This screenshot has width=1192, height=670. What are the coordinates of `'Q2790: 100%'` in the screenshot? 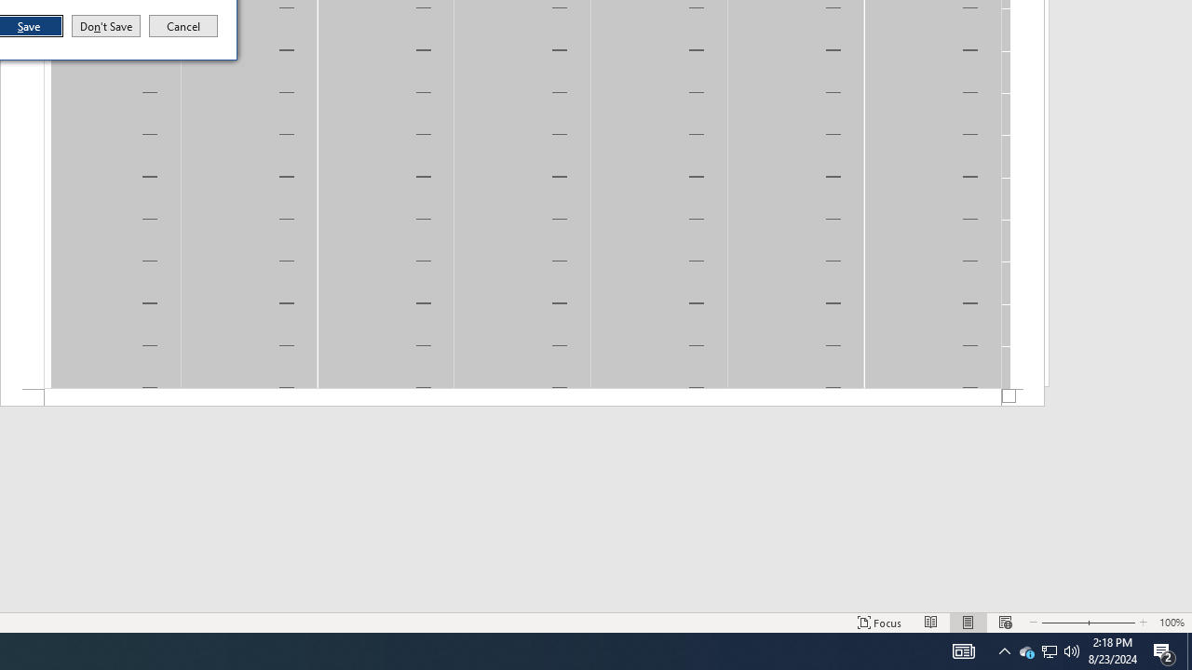 It's located at (1113, 623).